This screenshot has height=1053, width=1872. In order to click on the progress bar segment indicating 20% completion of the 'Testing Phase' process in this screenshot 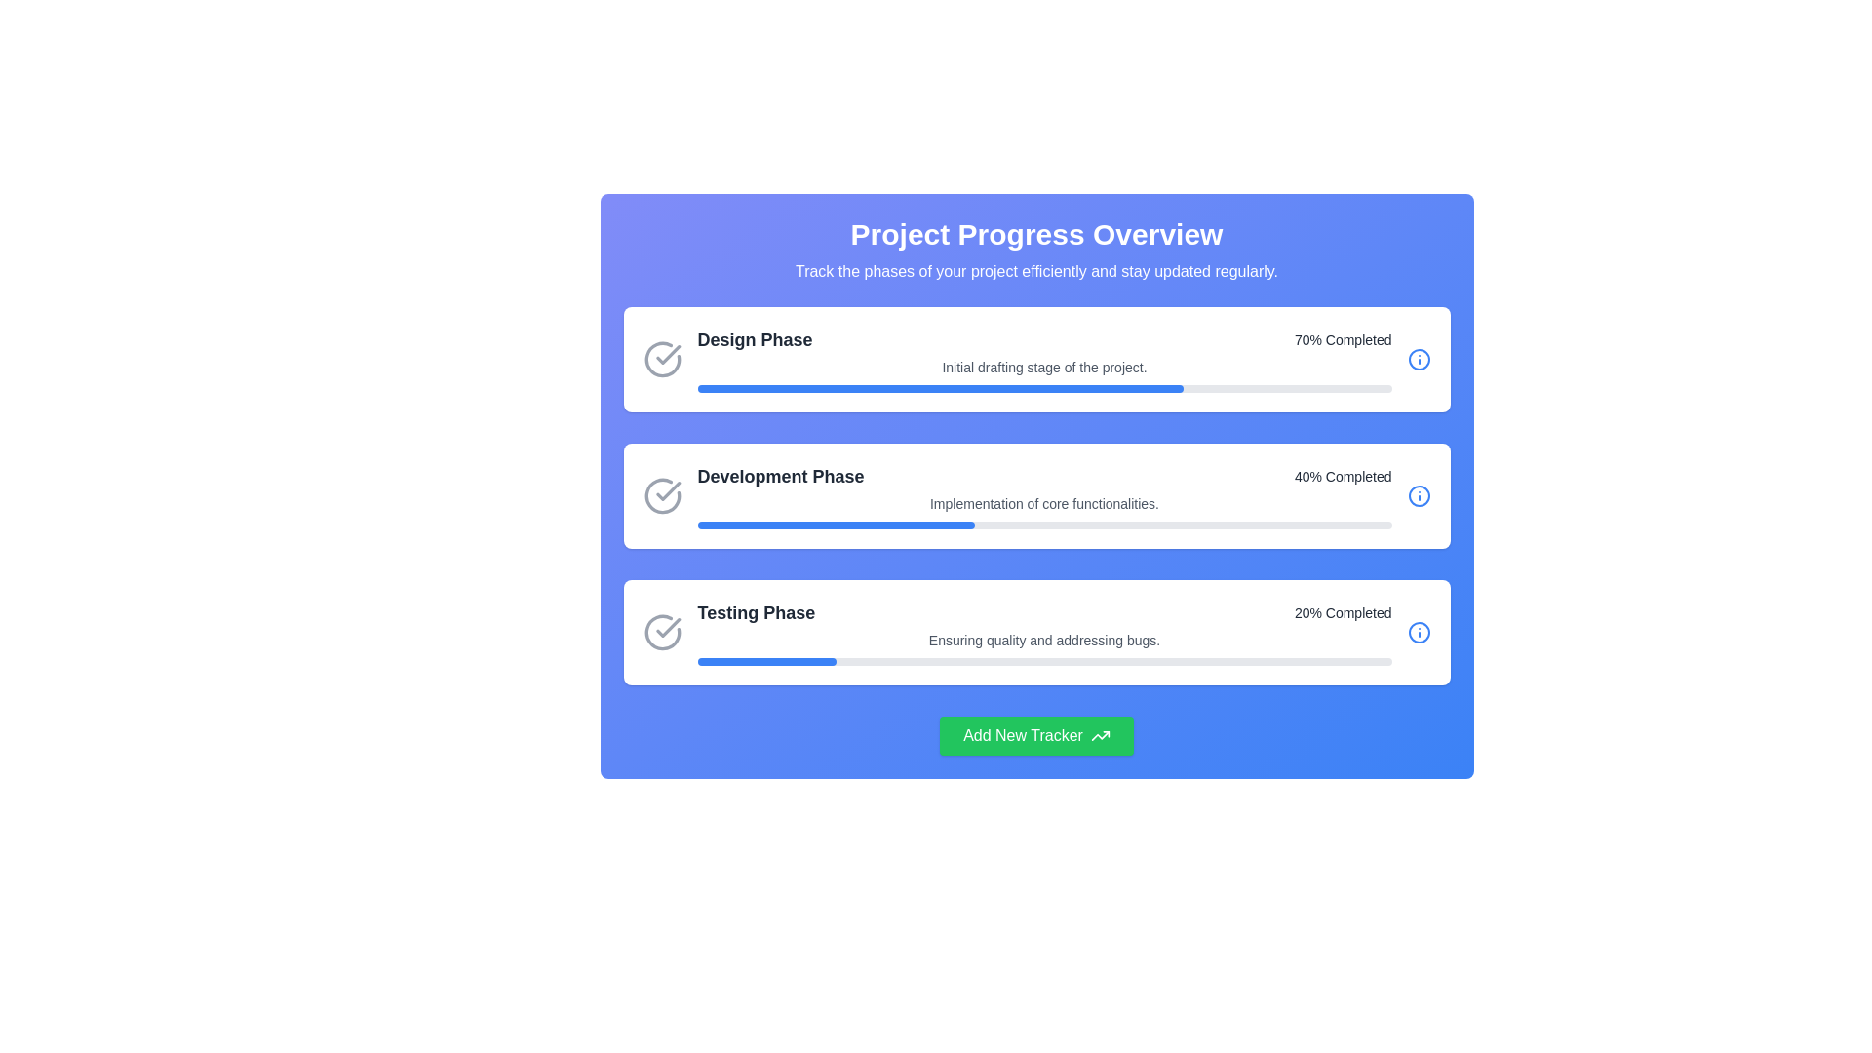, I will do `click(765, 660)`.